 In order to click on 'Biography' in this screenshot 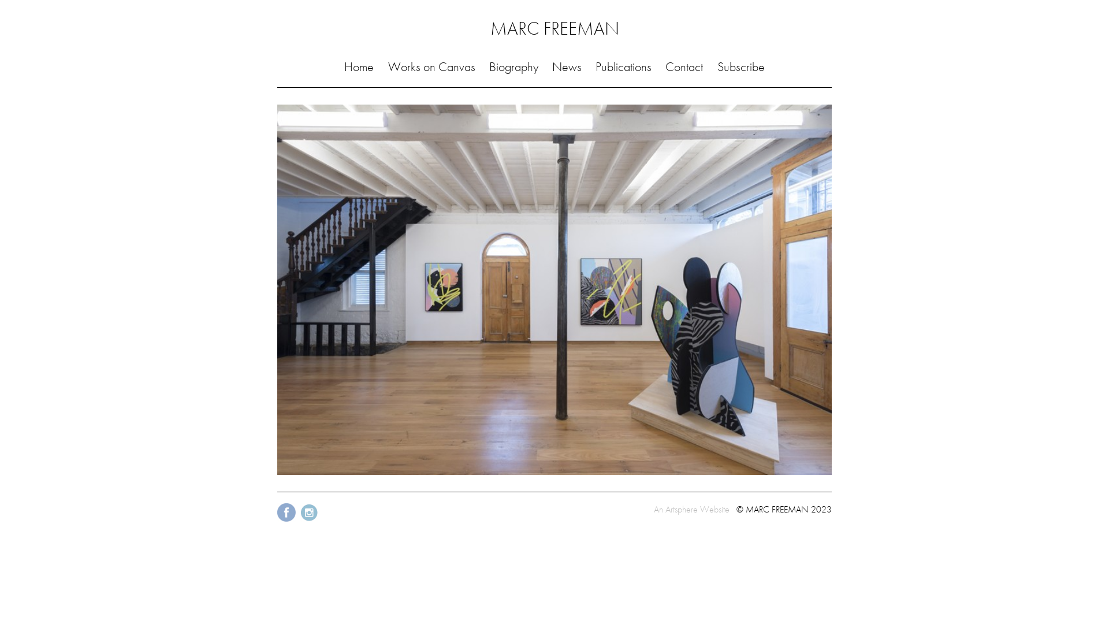, I will do `click(513, 66)`.